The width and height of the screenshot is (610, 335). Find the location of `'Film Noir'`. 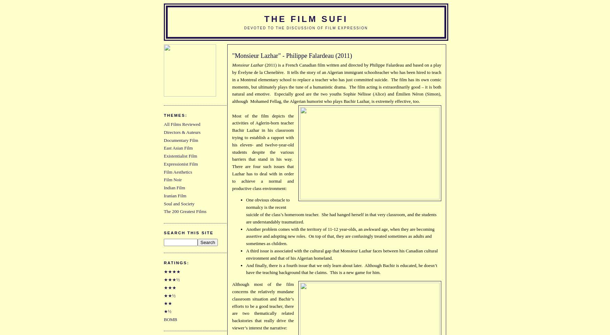

'Film Noir' is located at coordinates (173, 180).